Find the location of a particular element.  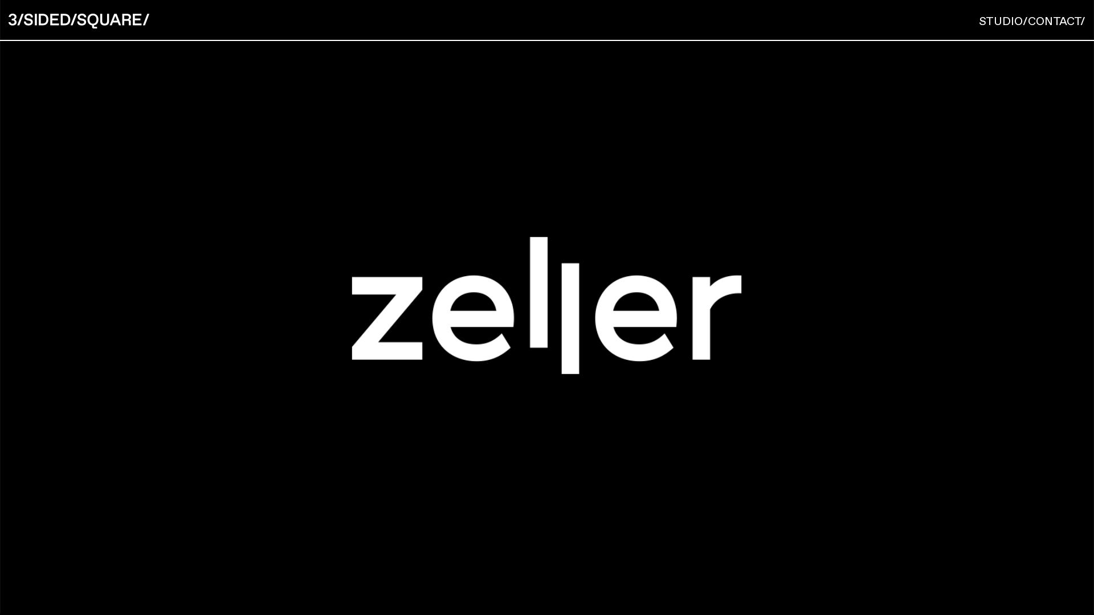

'STUDIO/CONTACT/' is located at coordinates (978, 21).